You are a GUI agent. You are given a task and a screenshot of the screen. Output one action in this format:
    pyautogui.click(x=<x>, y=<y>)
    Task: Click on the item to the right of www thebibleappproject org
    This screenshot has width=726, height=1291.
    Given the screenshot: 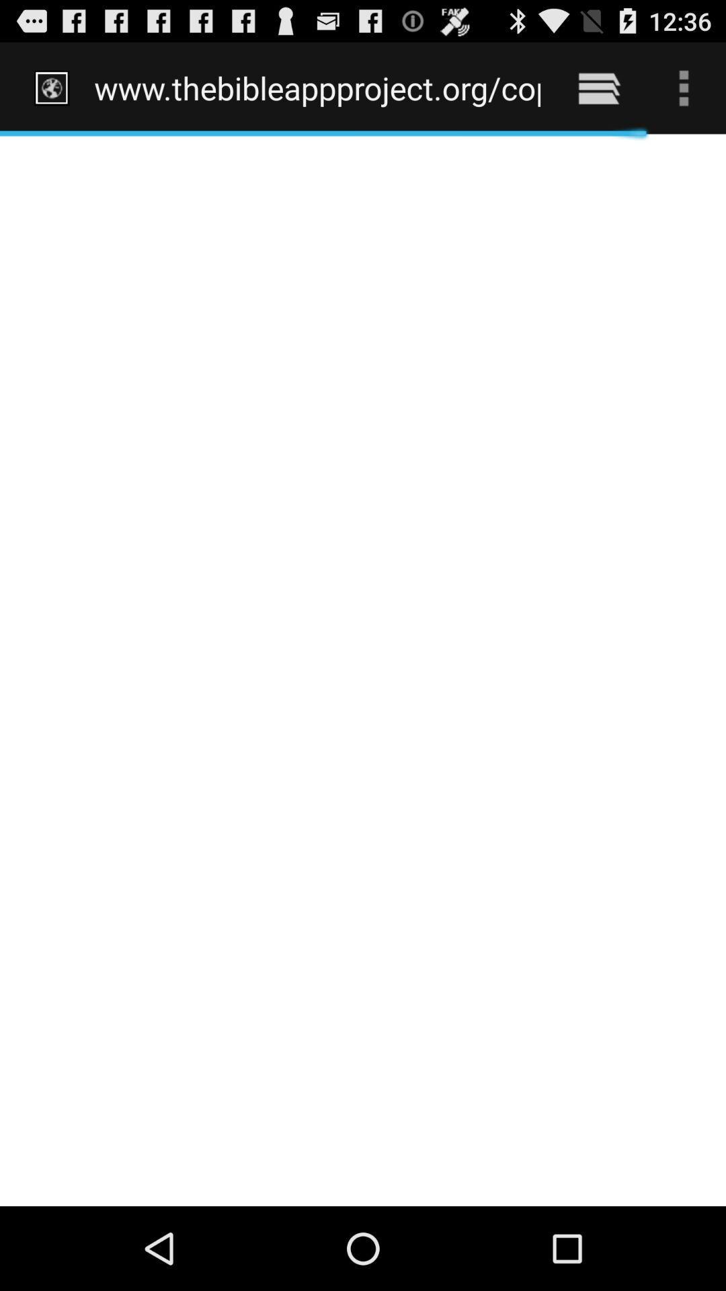 What is the action you would take?
    pyautogui.click(x=598, y=87)
    